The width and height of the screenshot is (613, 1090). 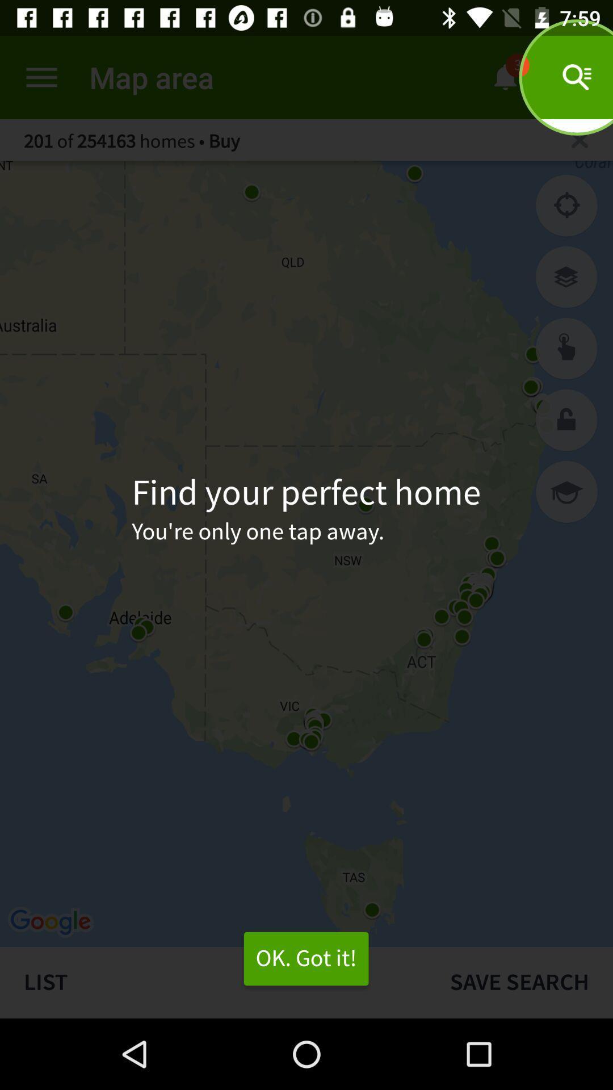 I want to click on open the menu, so click(x=41, y=77).